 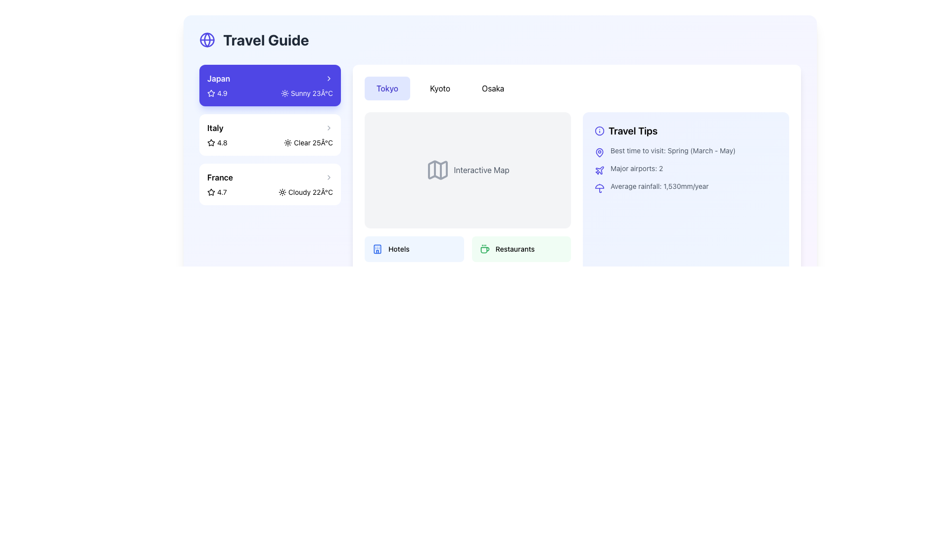 What do you see at coordinates (270, 143) in the screenshot?
I see `the rating and weather information element displaying '4.8', 'Clear 25°C', and the respective icons, located in the Italy card` at bounding box center [270, 143].